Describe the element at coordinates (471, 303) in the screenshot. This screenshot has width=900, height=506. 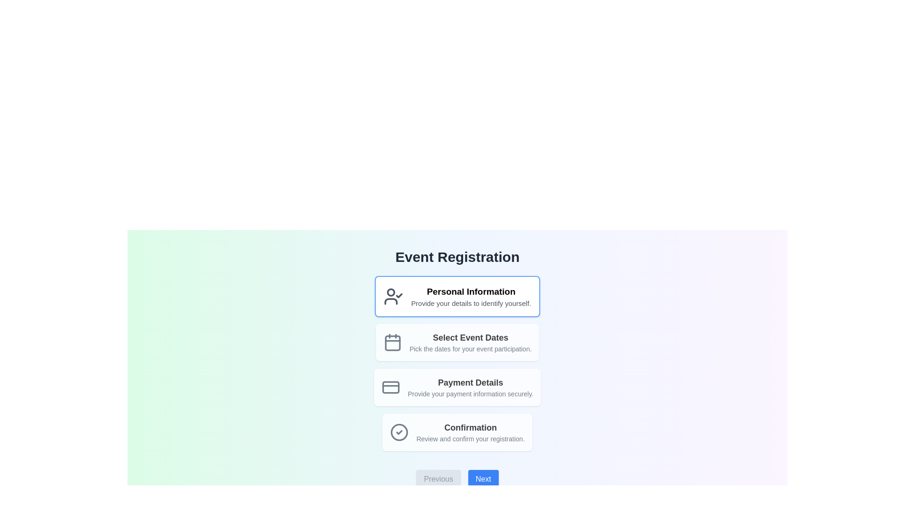
I see `the text description that provides additional instructions for the 'Personal Information' section, located just below the heading in the first card` at that location.